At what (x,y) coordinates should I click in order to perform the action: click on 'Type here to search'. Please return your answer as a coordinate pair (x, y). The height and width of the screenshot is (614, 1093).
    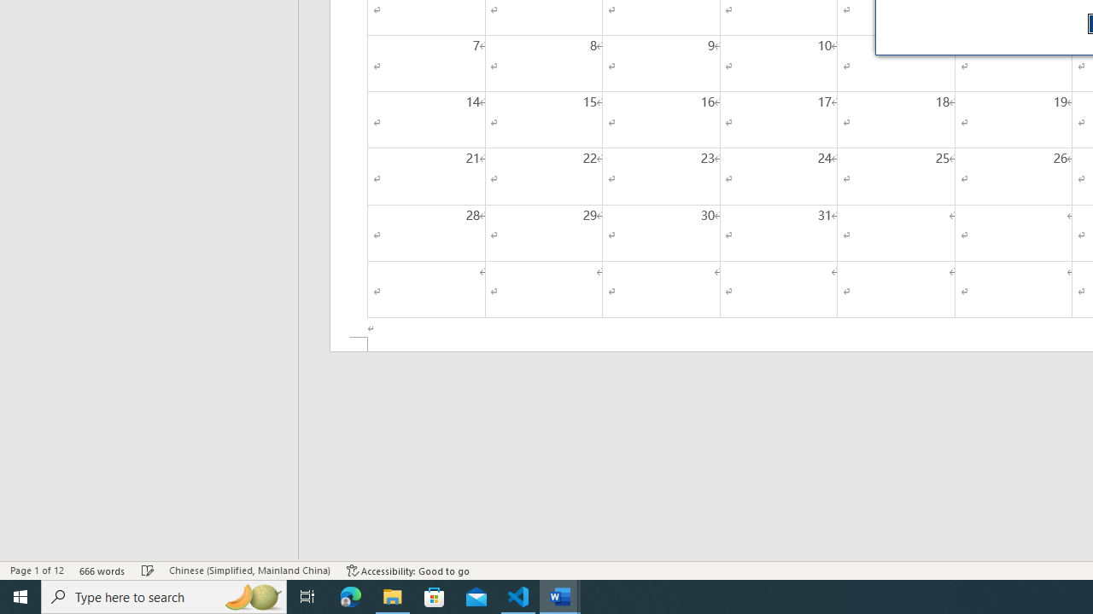
    Looking at the image, I should click on (164, 595).